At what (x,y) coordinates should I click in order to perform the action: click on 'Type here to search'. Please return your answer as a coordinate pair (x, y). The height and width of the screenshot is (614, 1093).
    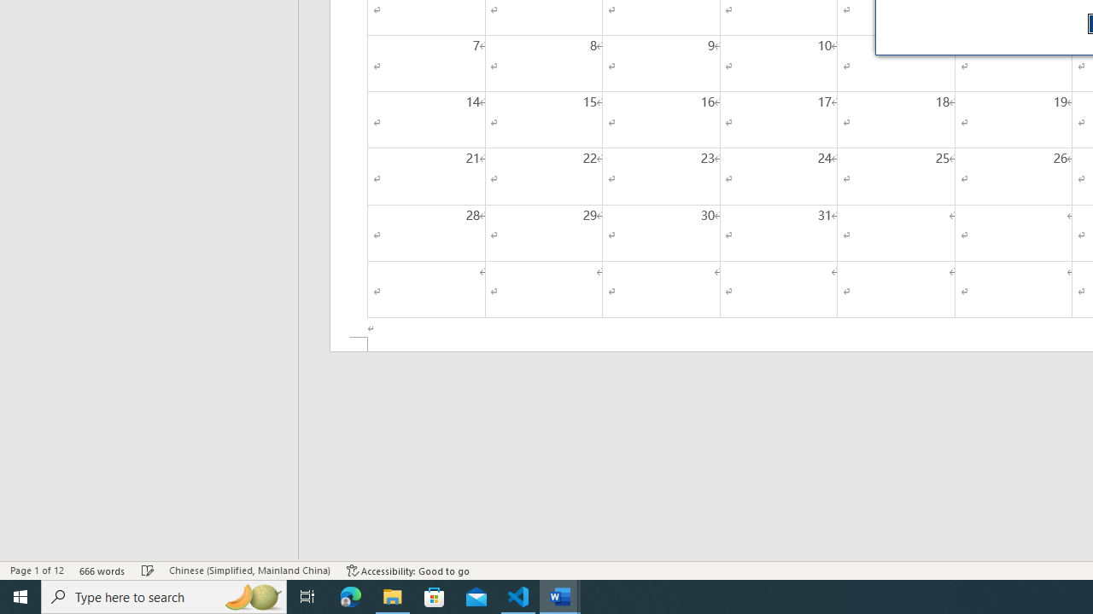
    Looking at the image, I should click on (164, 595).